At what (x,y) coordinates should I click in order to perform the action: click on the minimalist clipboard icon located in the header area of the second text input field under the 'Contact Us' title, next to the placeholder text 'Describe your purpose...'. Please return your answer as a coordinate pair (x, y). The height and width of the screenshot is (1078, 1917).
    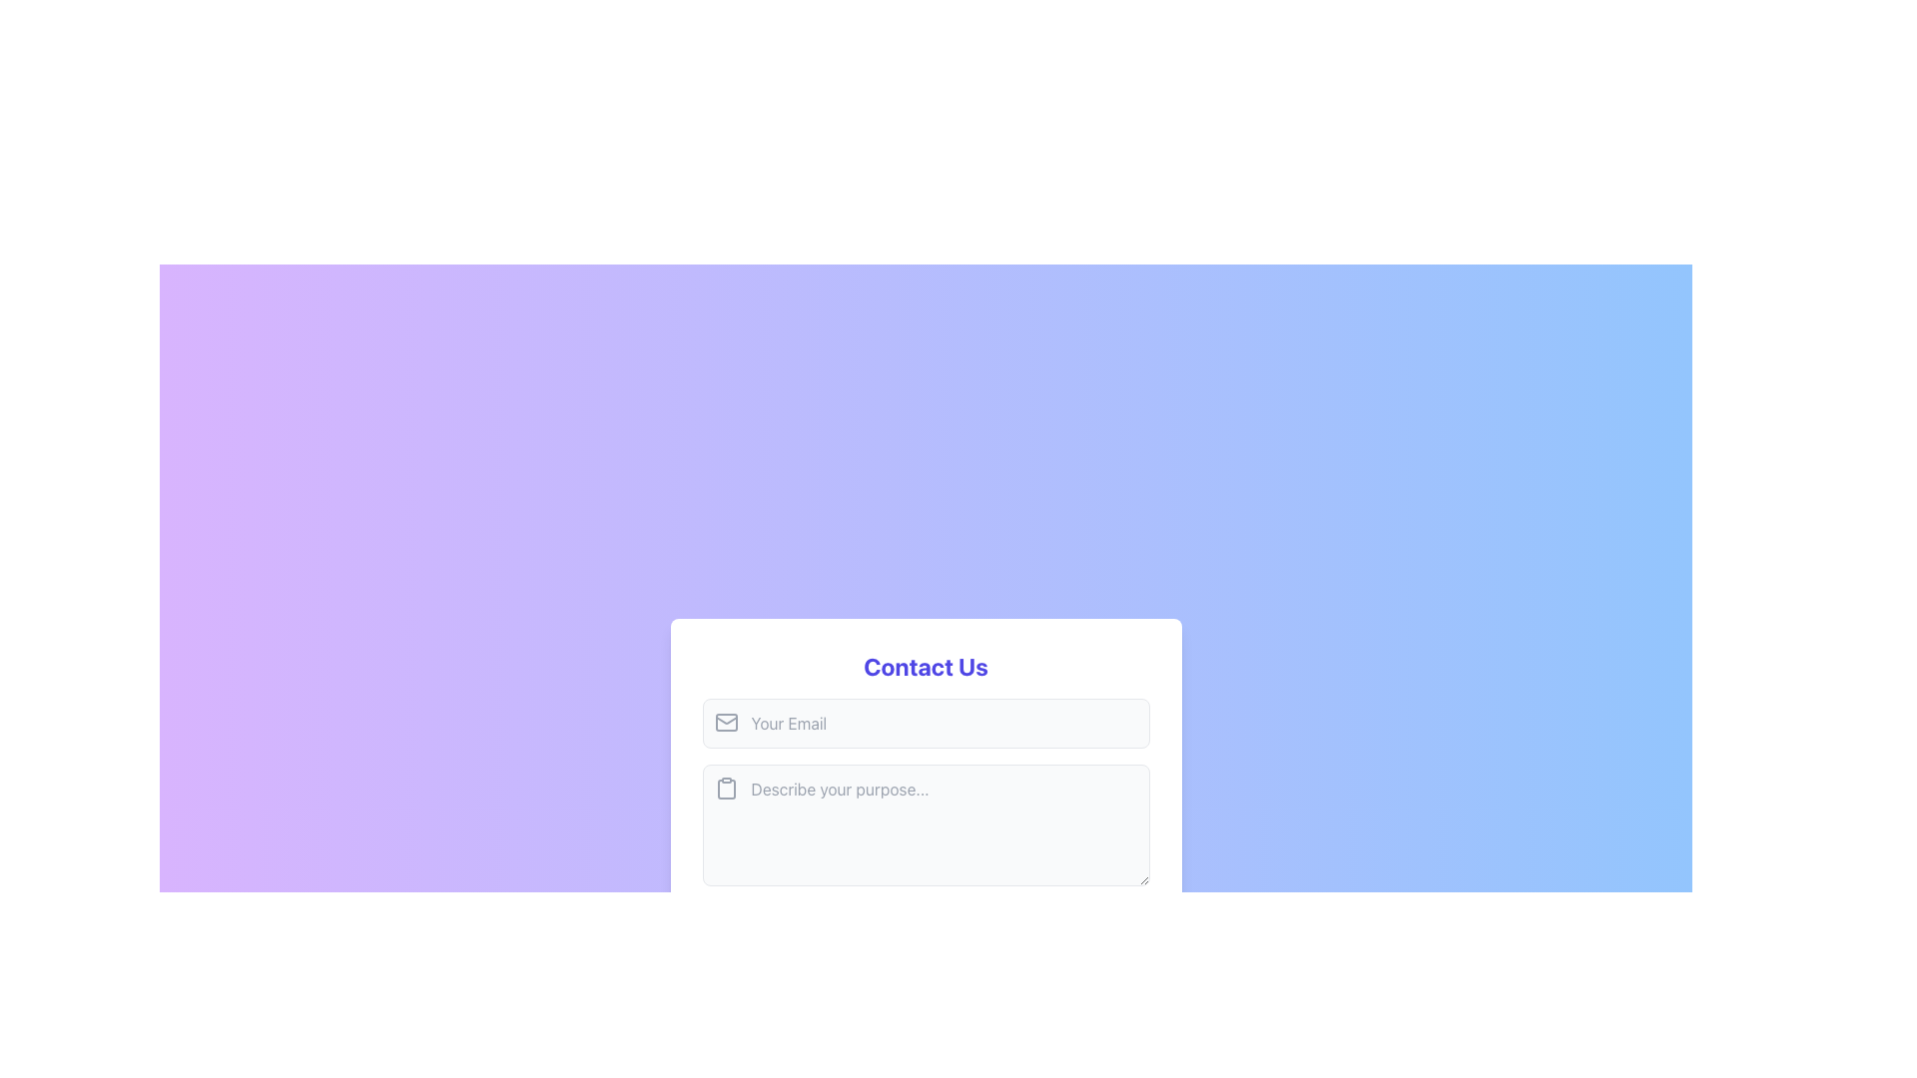
    Looking at the image, I should click on (725, 788).